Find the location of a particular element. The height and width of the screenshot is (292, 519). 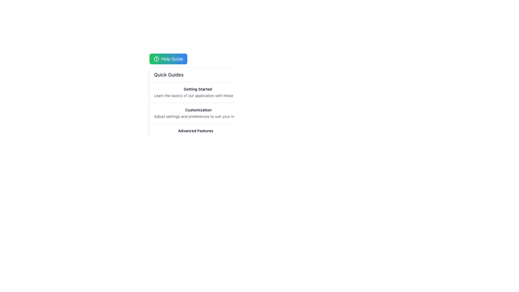

supplementary icon associated with the 'Customization' text block to explore further actions is located at coordinates (201, 113).